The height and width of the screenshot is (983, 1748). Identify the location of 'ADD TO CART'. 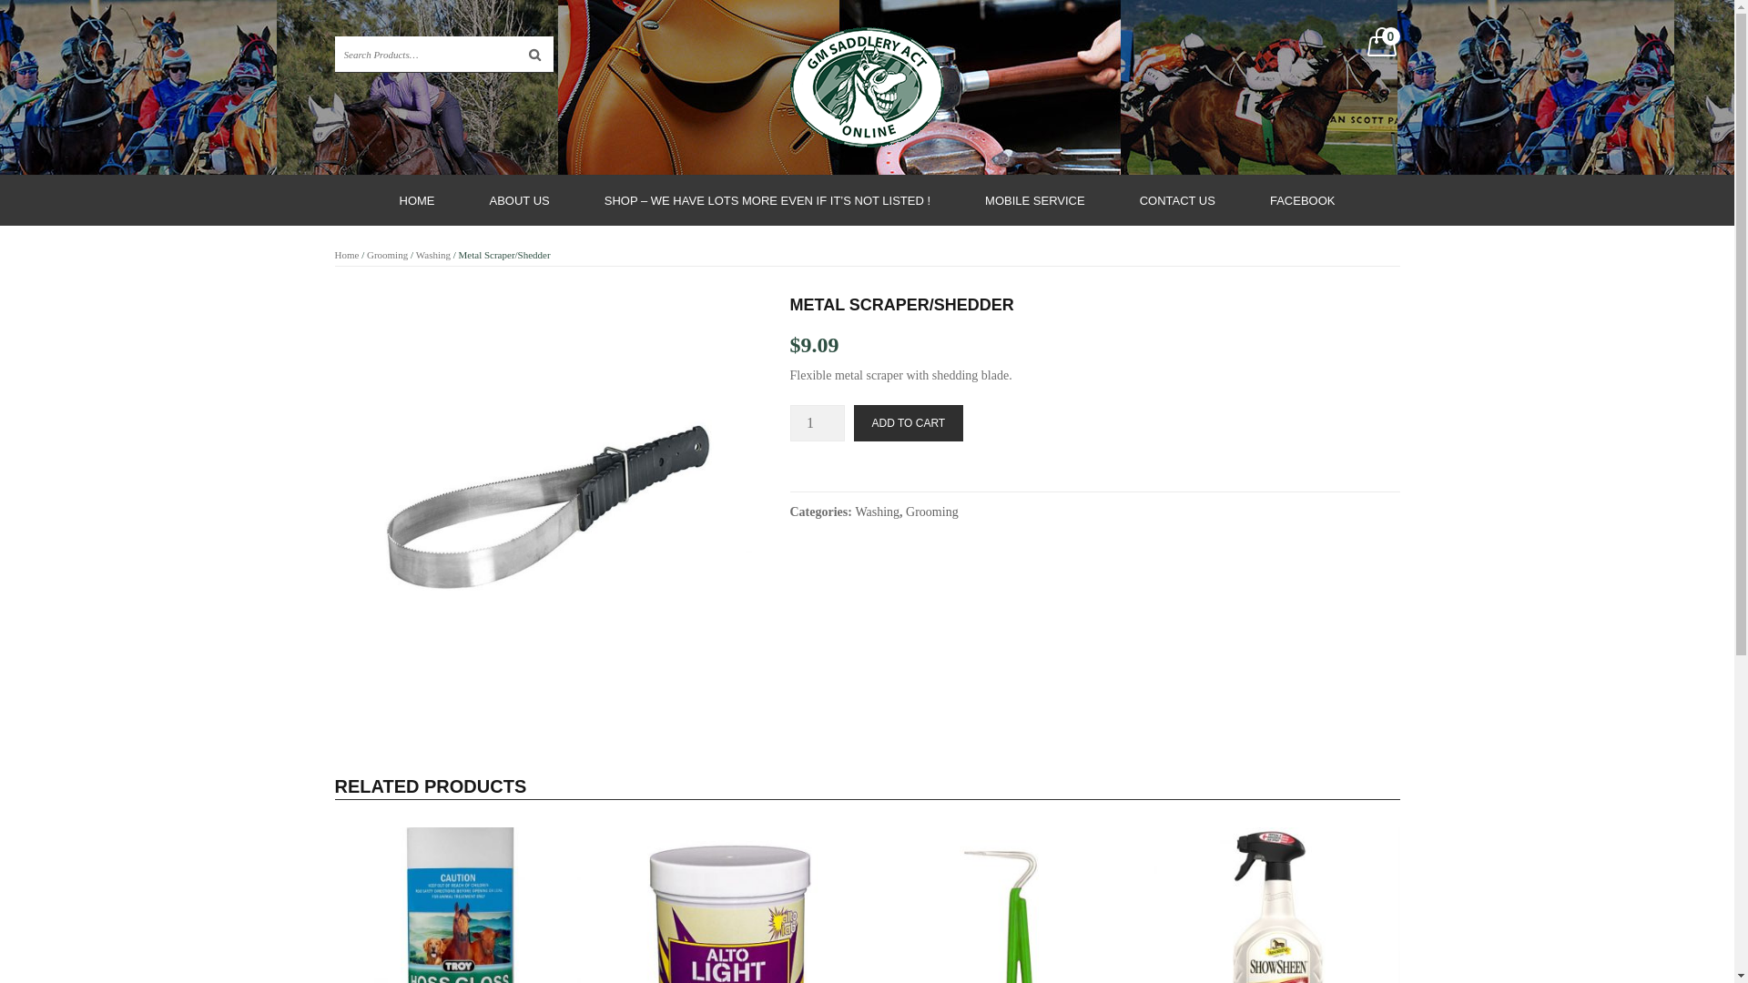
(852, 423).